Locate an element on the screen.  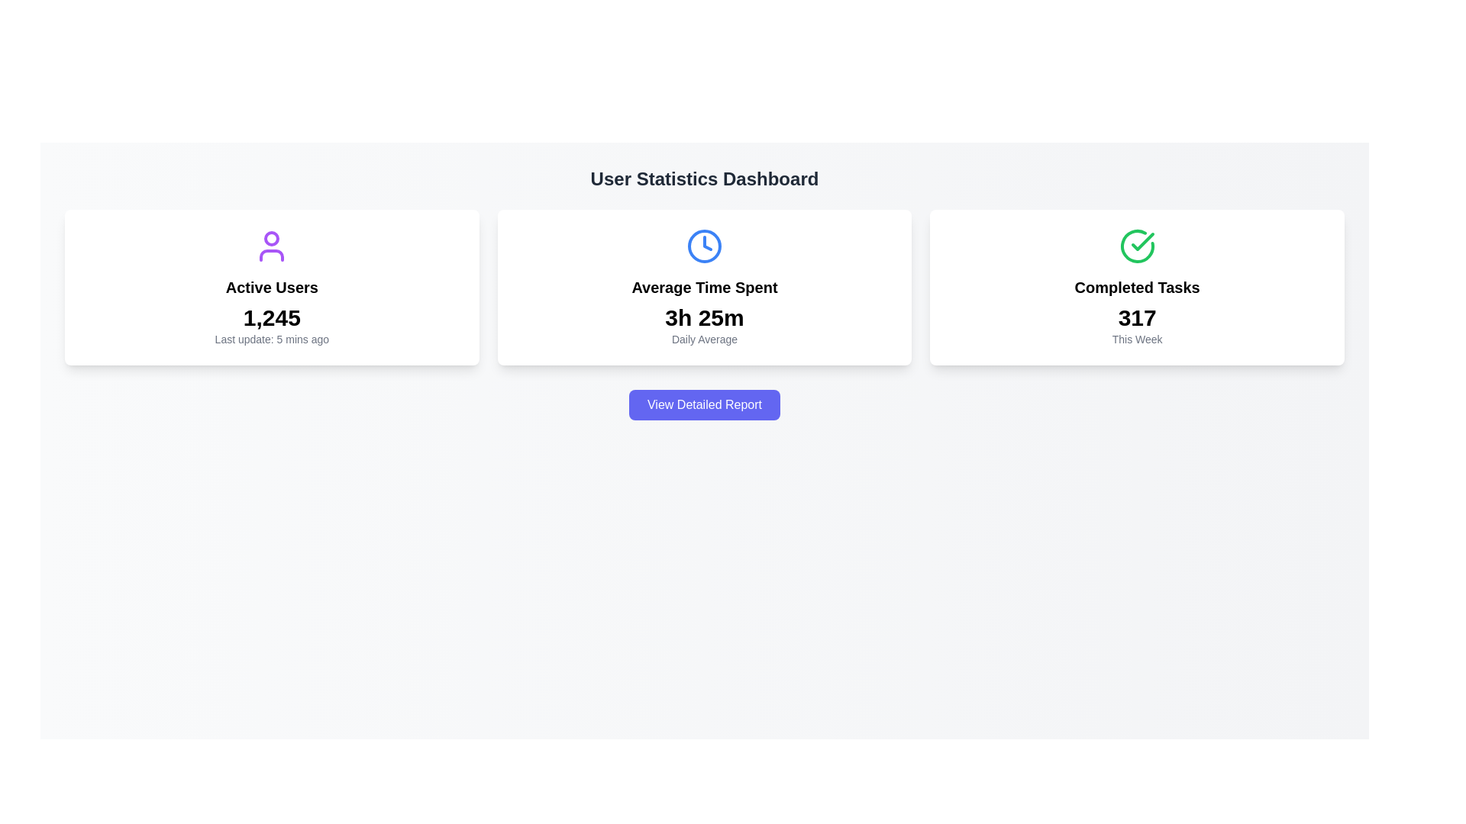
the text label that displays 'Average Time Spent', which is styled in bold, large font and is located below the clock icon is located at coordinates (703, 288).